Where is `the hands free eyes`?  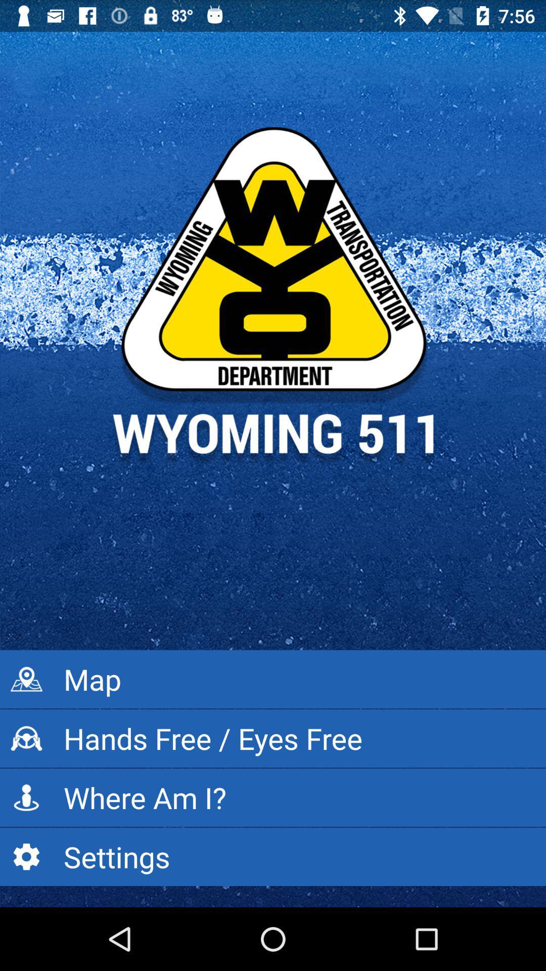
the hands free eyes is located at coordinates (273, 738).